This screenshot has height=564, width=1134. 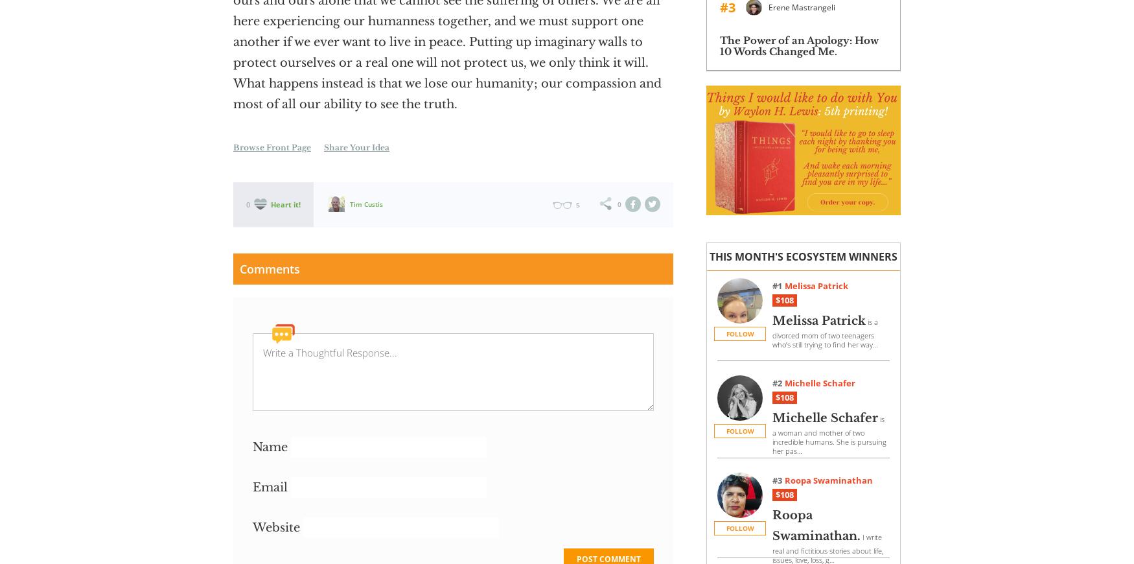 What do you see at coordinates (275, 527) in the screenshot?
I see `'Website'` at bounding box center [275, 527].